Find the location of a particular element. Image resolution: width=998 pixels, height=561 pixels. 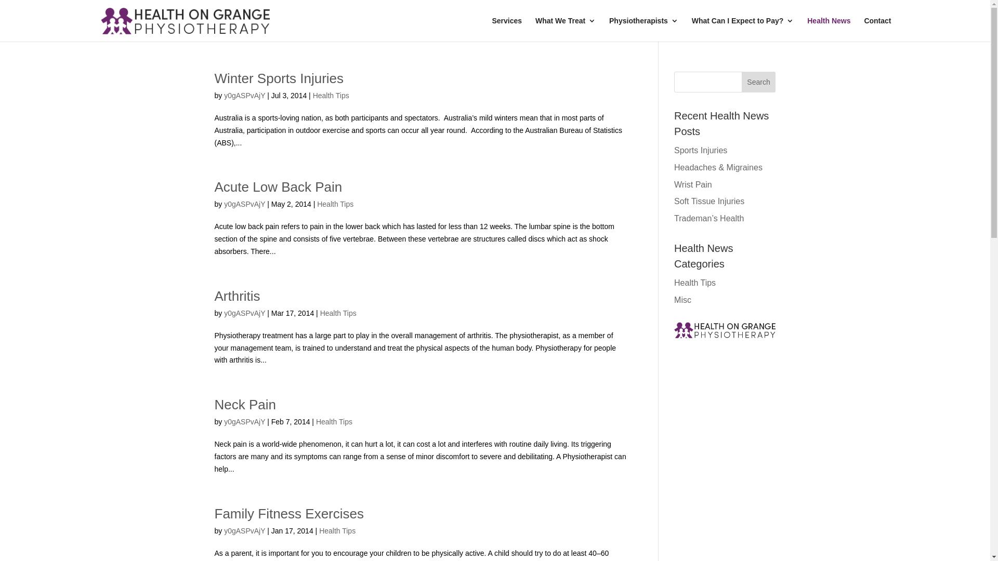

'Family Fitness Exercises' is located at coordinates (289, 513).